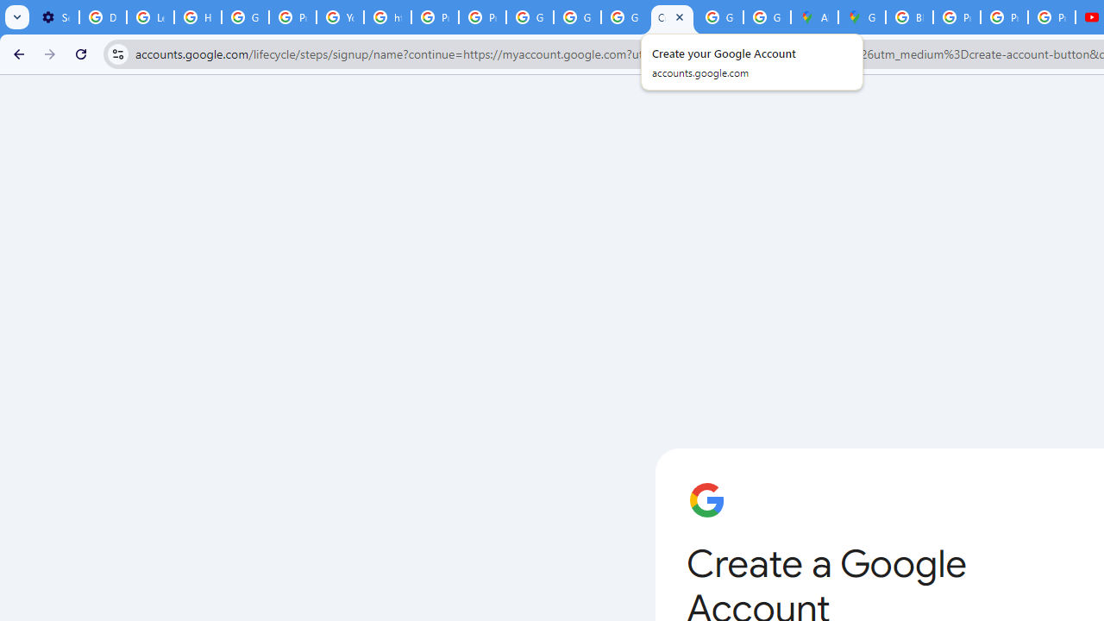  What do you see at coordinates (862, 17) in the screenshot?
I see `'Google Maps'` at bounding box center [862, 17].